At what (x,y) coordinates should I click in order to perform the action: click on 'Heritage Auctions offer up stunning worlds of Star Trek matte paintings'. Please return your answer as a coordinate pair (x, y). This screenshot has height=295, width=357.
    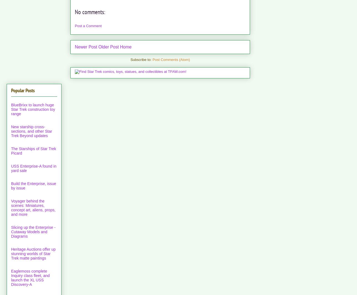
    Looking at the image, I should click on (33, 254).